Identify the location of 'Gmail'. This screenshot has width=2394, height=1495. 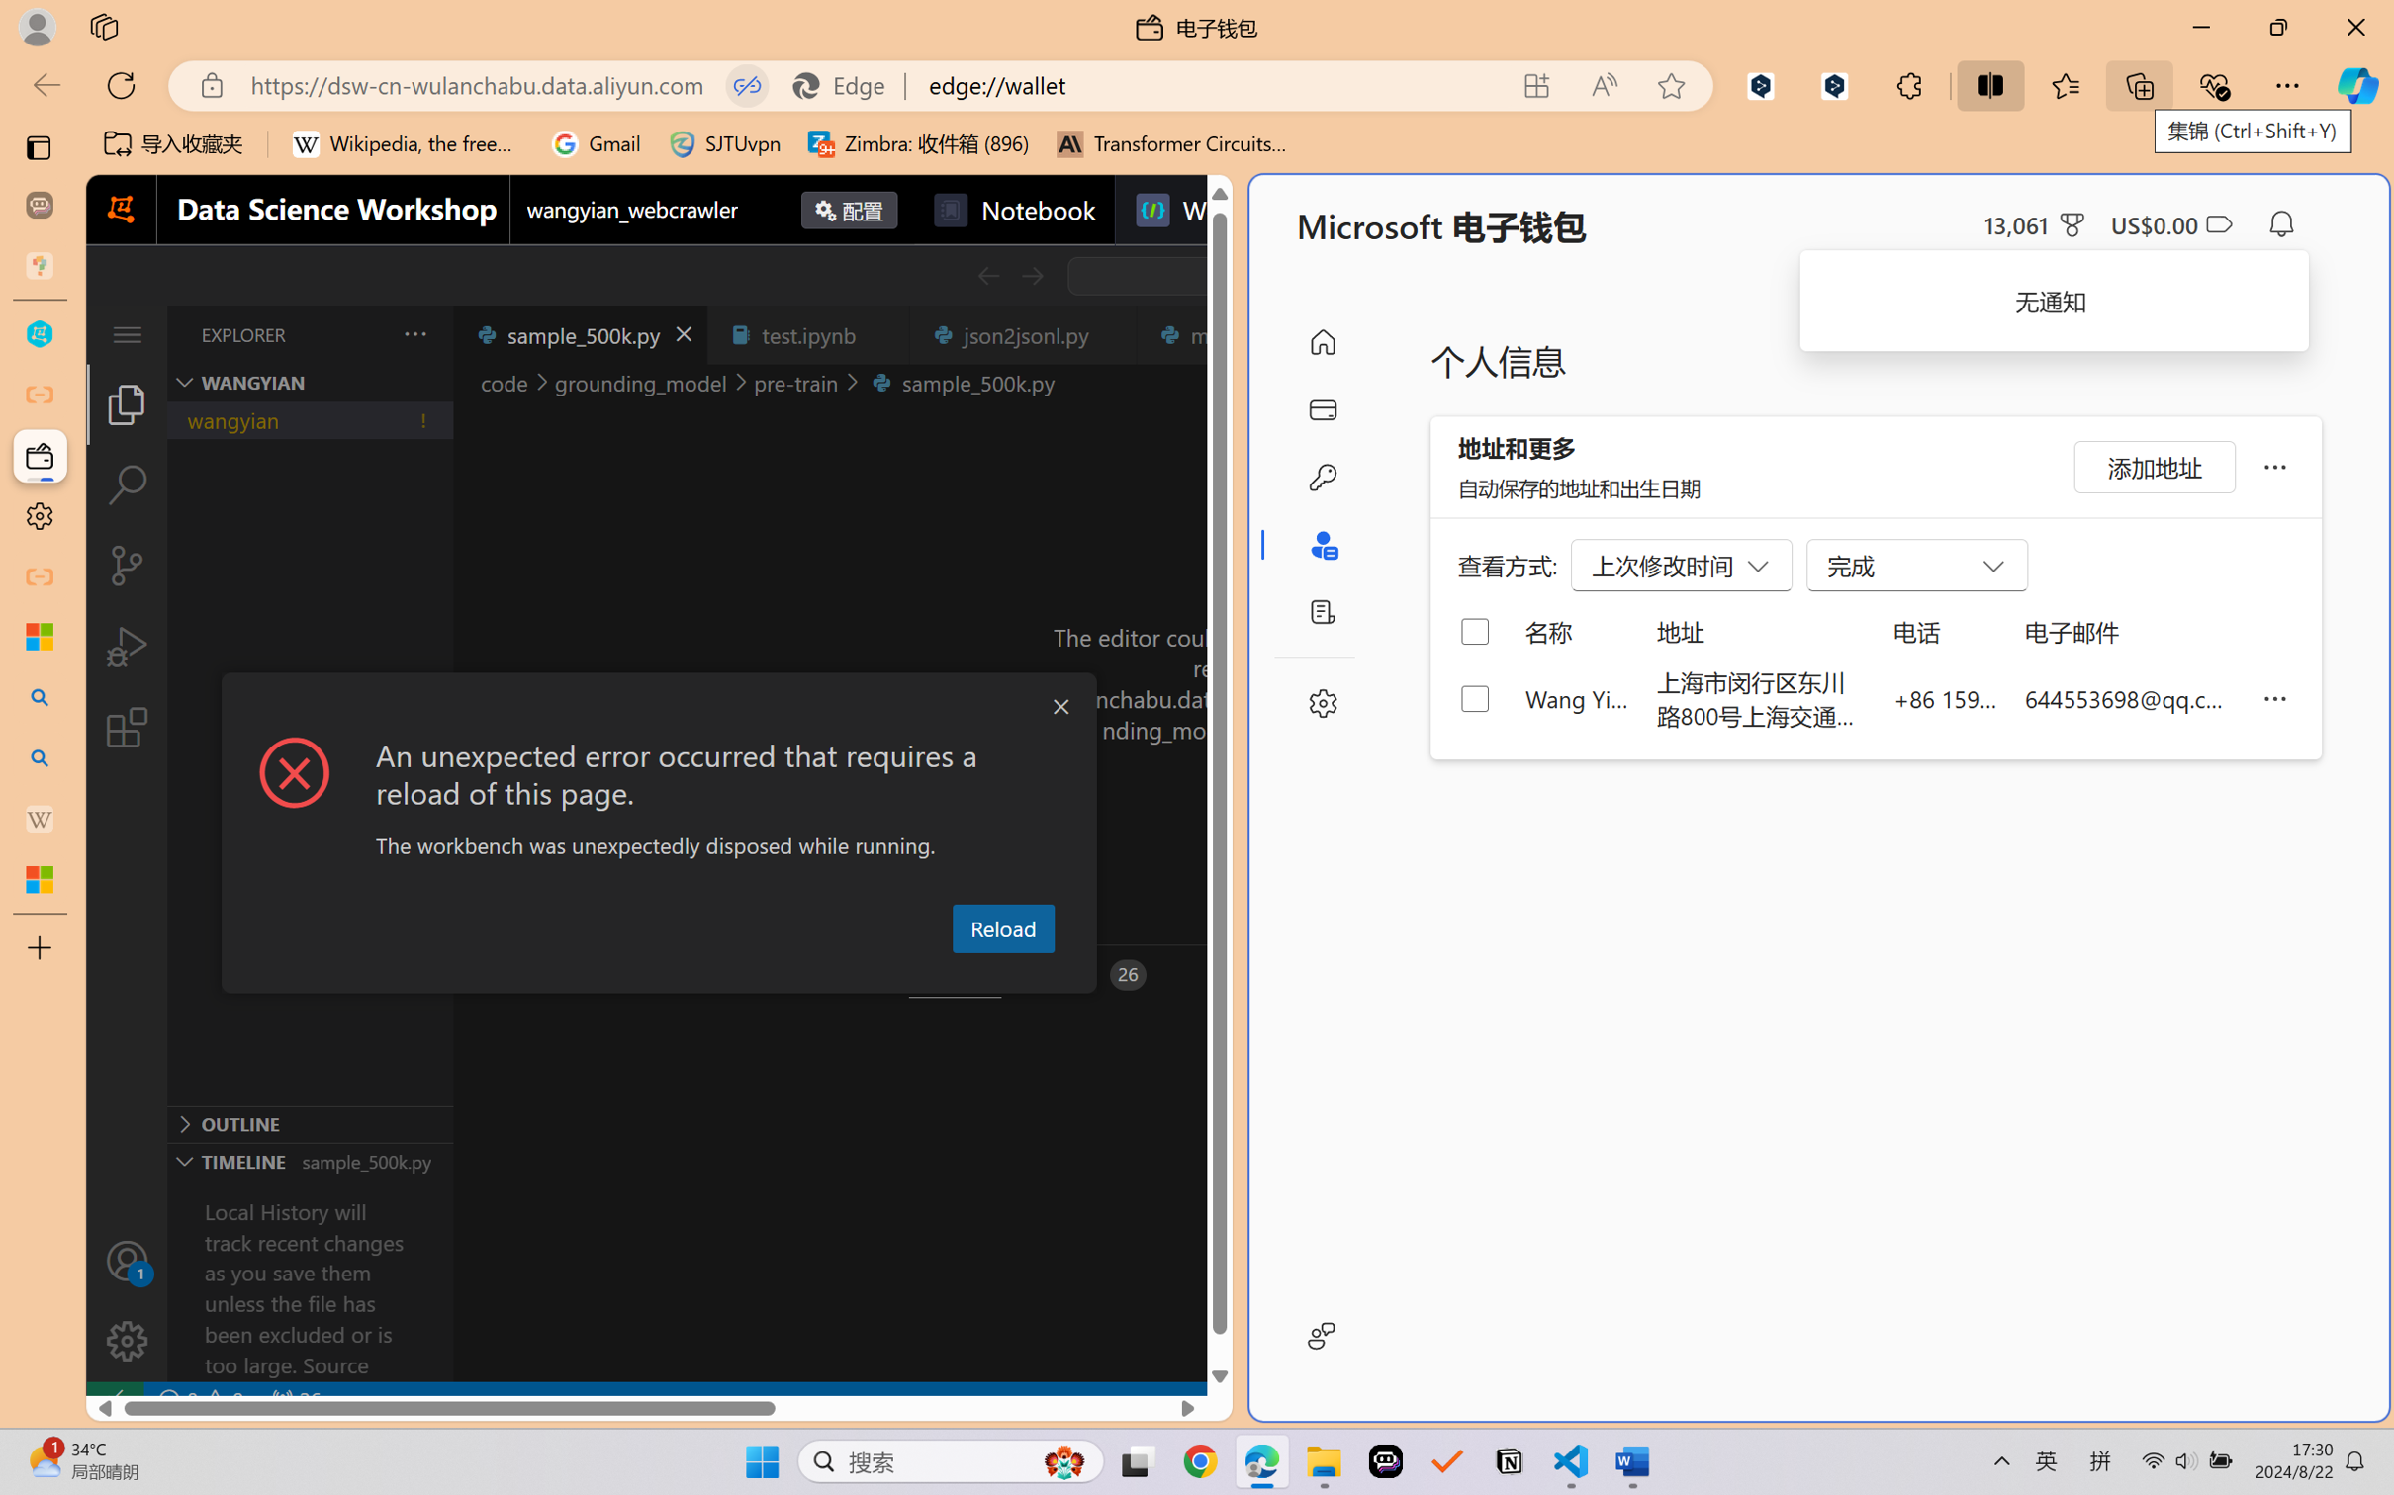
(595, 143).